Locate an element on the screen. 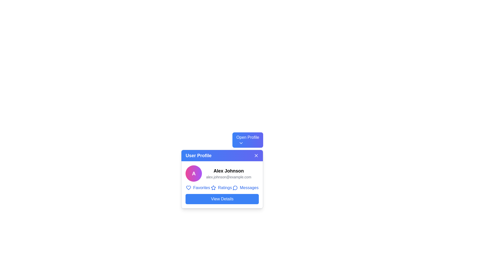 This screenshot has height=276, width=492. the messaging icon located between the star icon for ratings and the text 'Messages' in the user profile section is located at coordinates (235, 188).